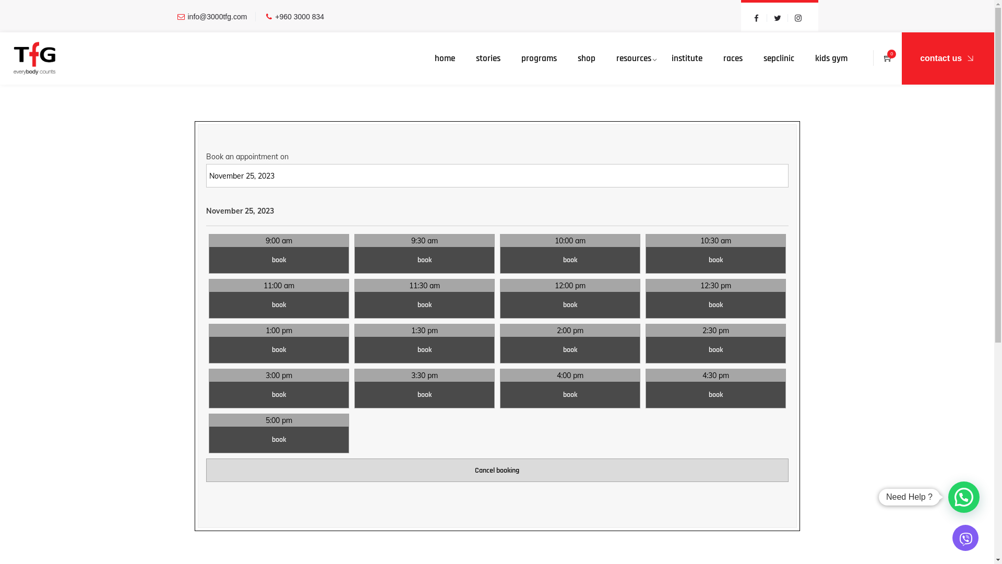 This screenshot has height=564, width=1002. What do you see at coordinates (723, 58) in the screenshot?
I see `'races'` at bounding box center [723, 58].